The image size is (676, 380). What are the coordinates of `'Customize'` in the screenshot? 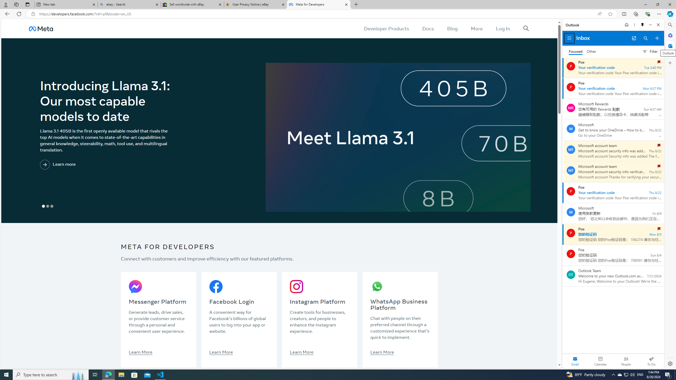 It's located at (669, 63).